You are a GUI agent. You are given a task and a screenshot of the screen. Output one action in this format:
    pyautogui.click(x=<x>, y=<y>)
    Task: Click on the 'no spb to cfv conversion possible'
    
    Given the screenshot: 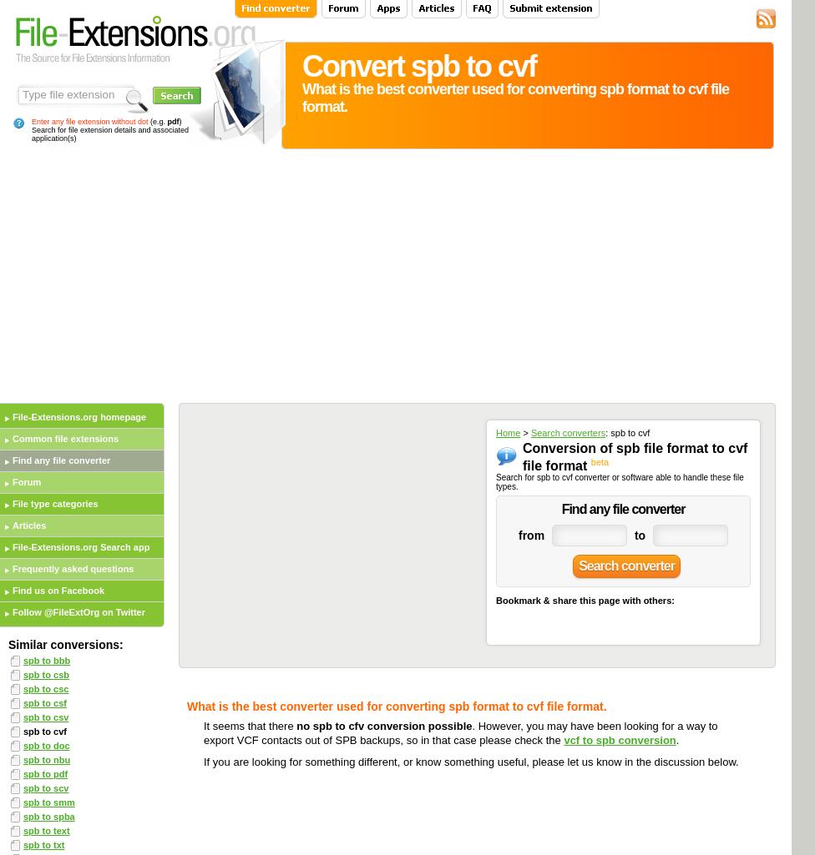 What is the action you would take?
    pyautogui.click(x=382, y=726)
    